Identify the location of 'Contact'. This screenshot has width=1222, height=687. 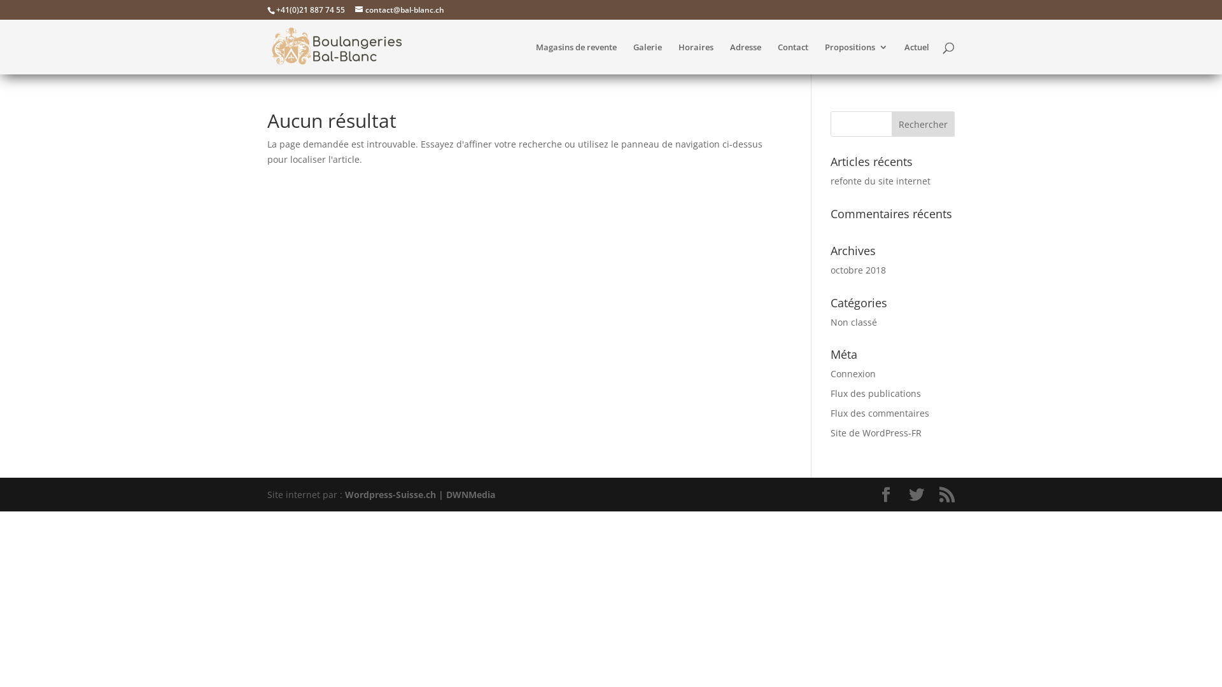
(792, 59).